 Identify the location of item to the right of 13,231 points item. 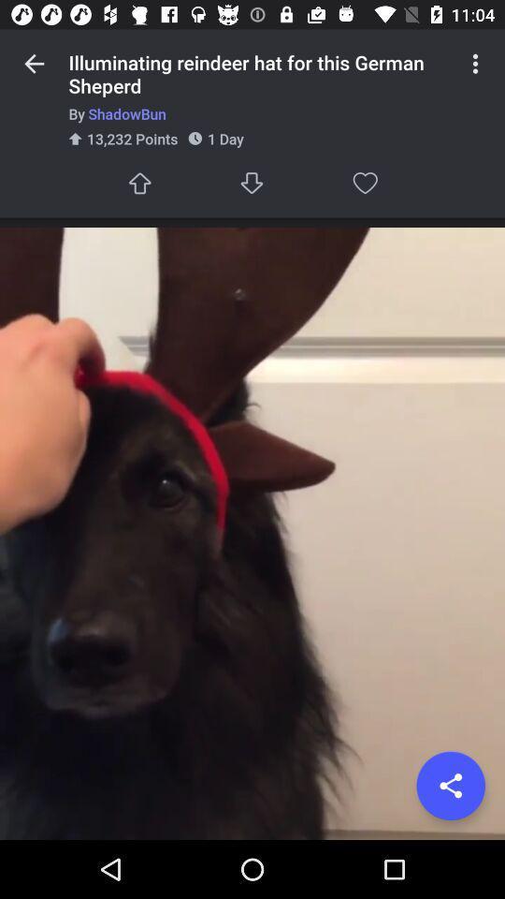
(252, 183).